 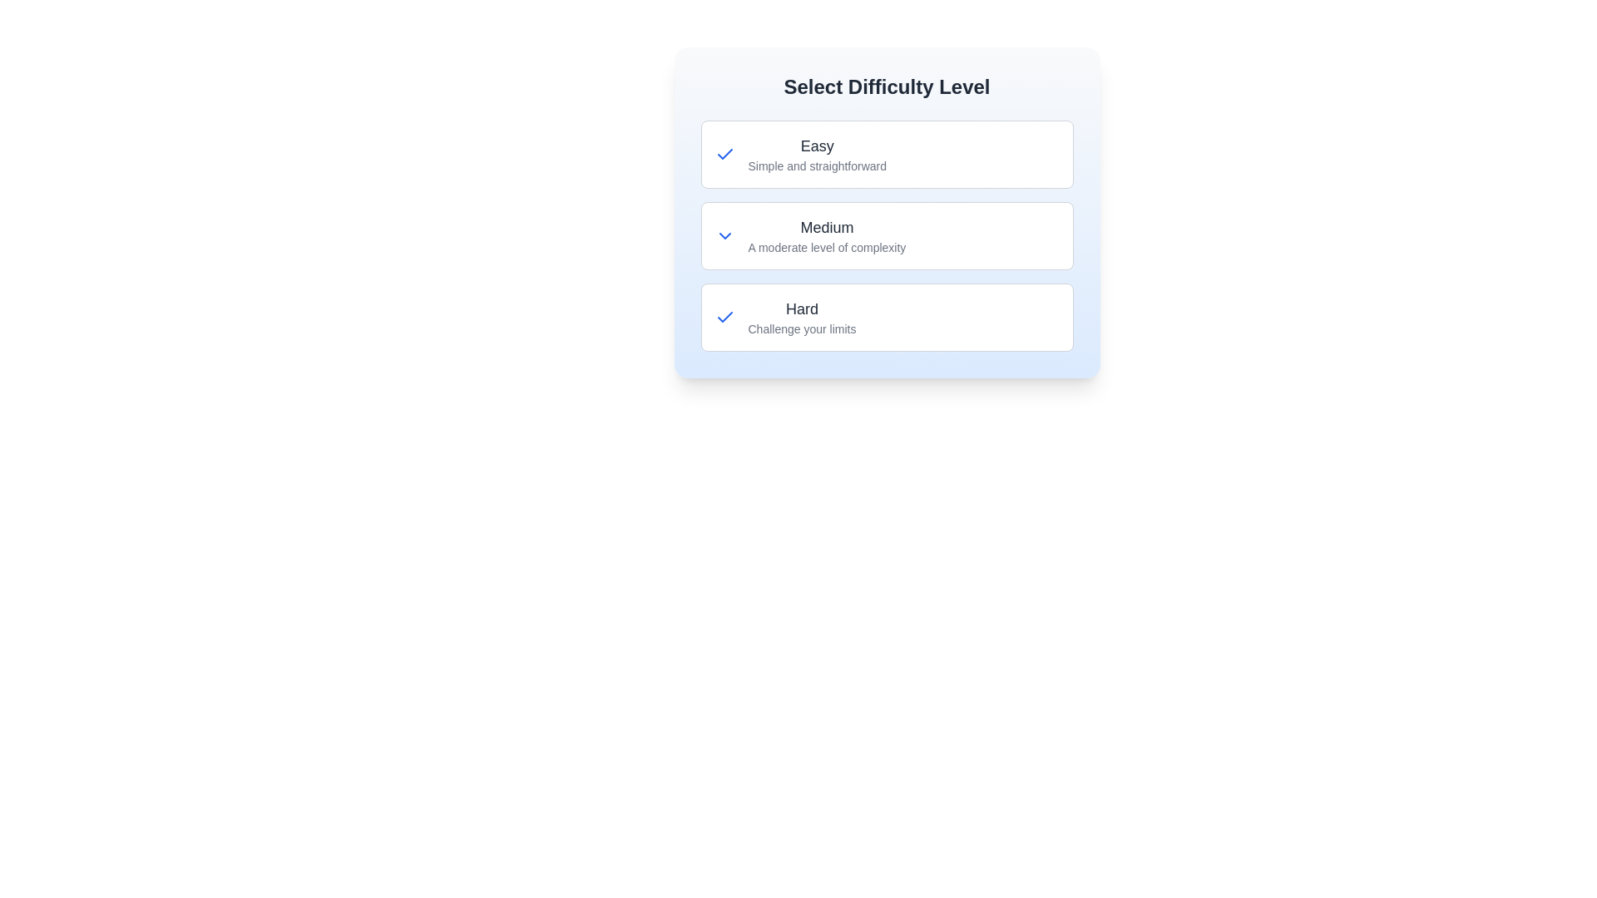 I want to click on the selectable list item with the heading 'Medium' for a visual cue, so click(x=827, y=236).